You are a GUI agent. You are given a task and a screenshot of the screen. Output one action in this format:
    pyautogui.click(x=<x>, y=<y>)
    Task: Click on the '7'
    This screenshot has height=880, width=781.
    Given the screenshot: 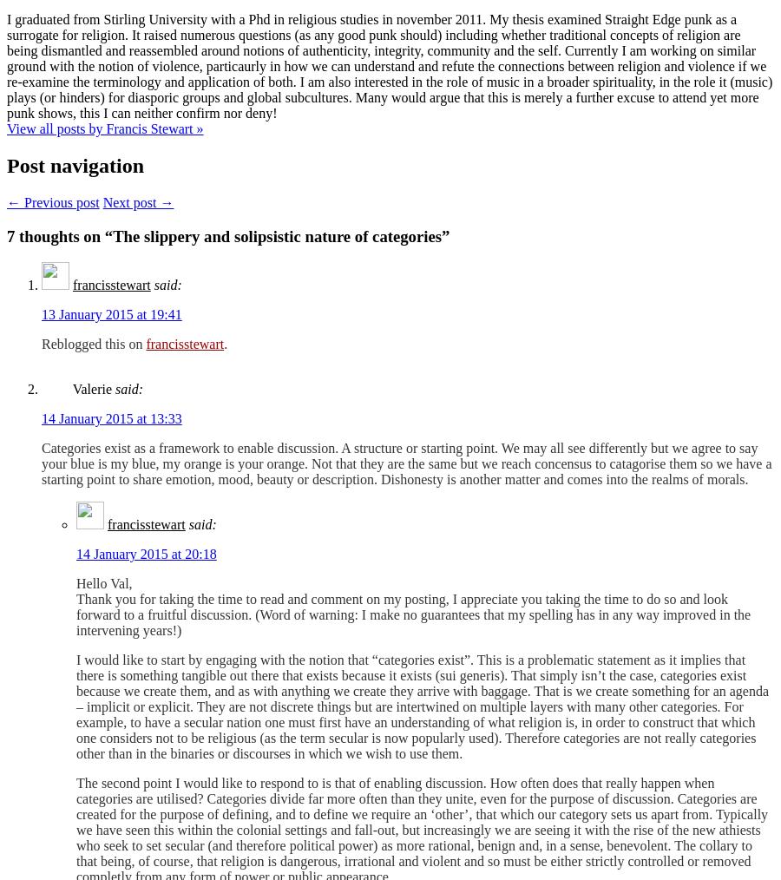 What is the action you would take?
    pyautogui.click(x=10, y=235)
    